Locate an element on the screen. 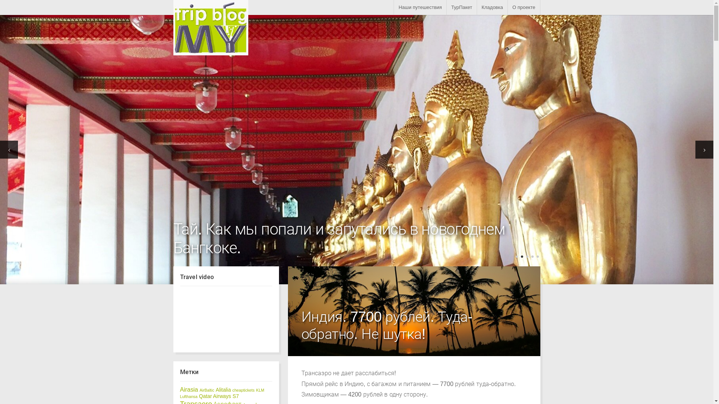 This screenshot has height=404, width=719. 'AirBaltic' is located at coordinates (207, 389).